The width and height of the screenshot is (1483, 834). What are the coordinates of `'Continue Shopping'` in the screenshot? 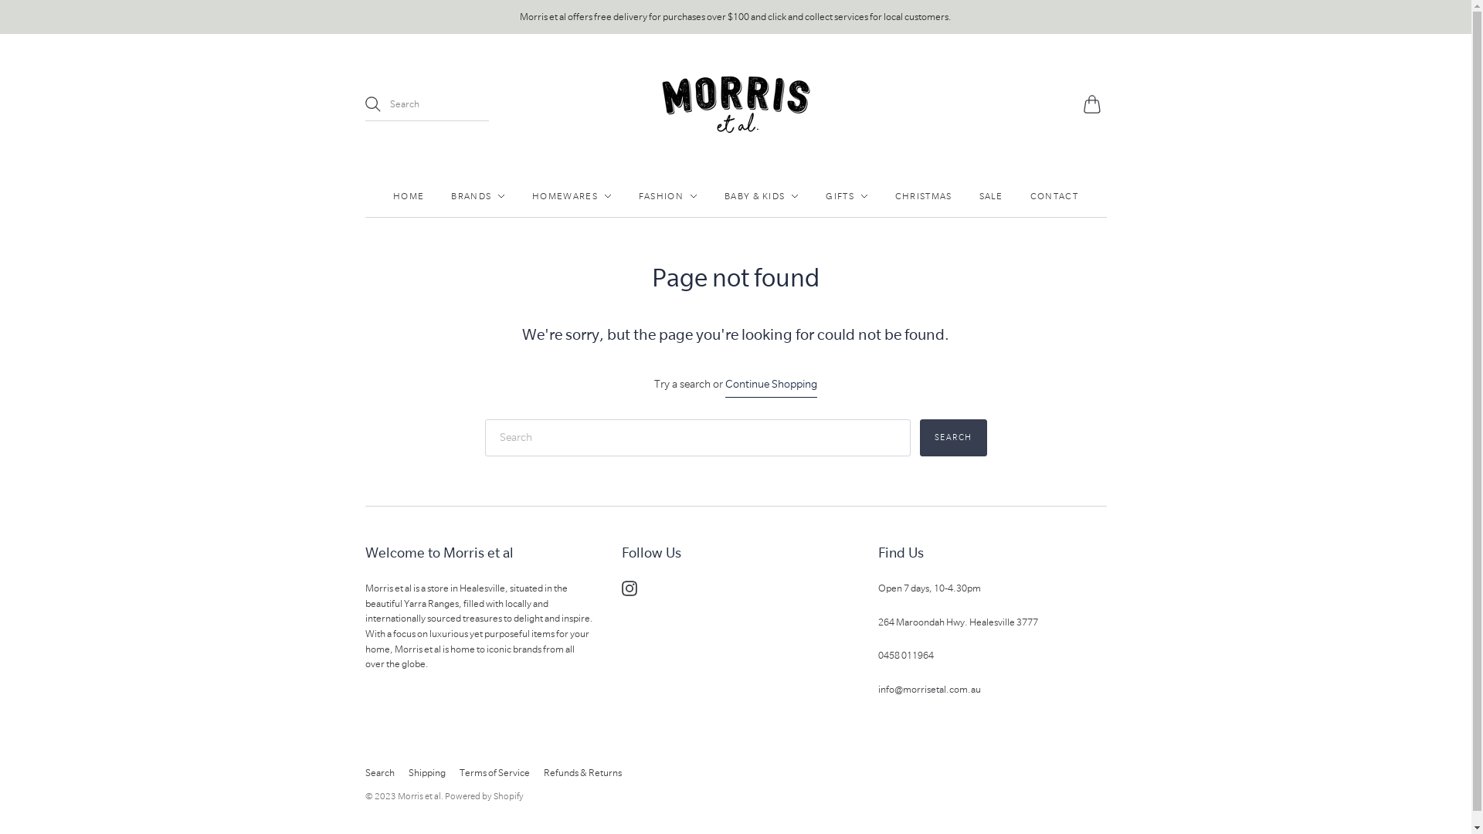 It's located at (771, 384).